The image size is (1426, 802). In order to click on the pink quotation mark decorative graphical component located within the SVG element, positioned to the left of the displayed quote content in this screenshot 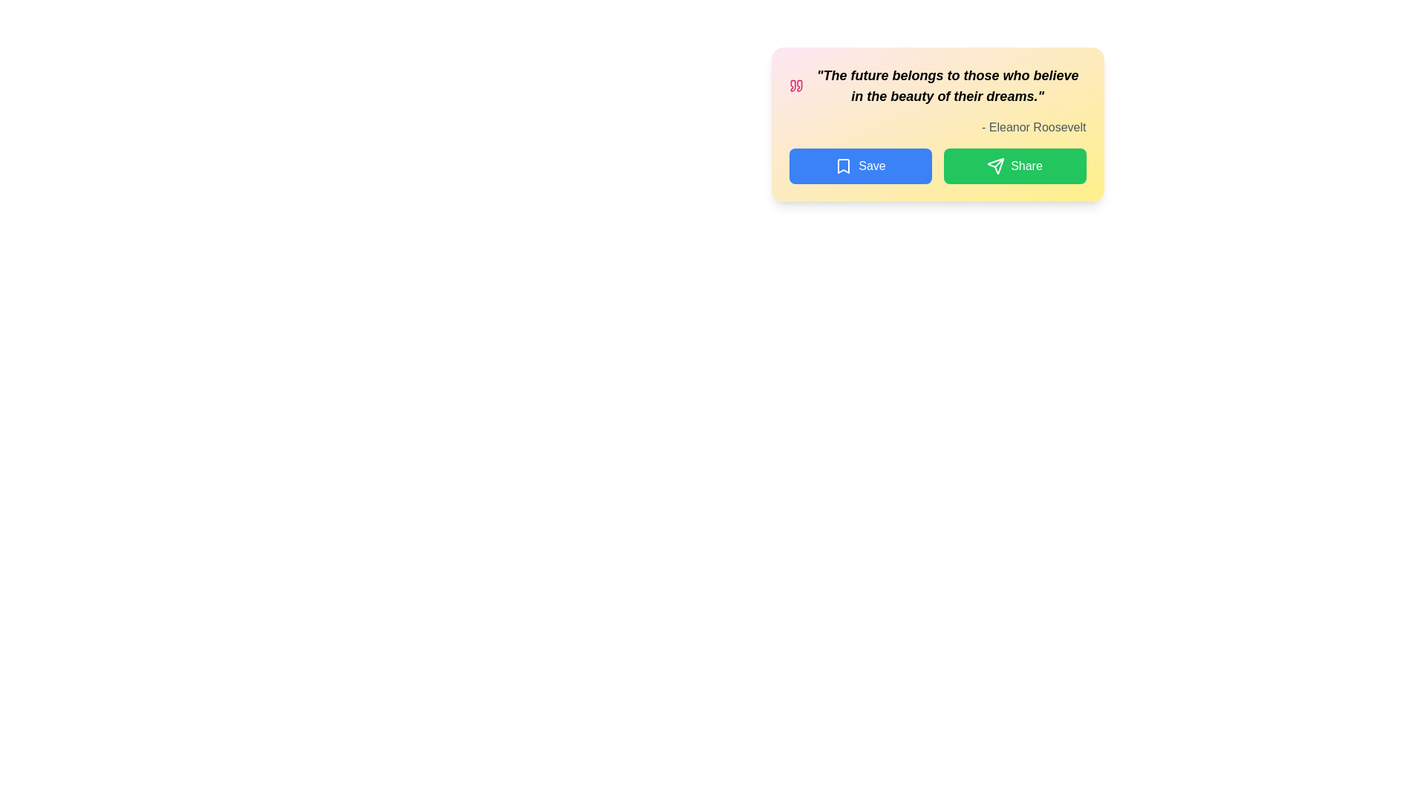, I will do `click(798, 85)`.